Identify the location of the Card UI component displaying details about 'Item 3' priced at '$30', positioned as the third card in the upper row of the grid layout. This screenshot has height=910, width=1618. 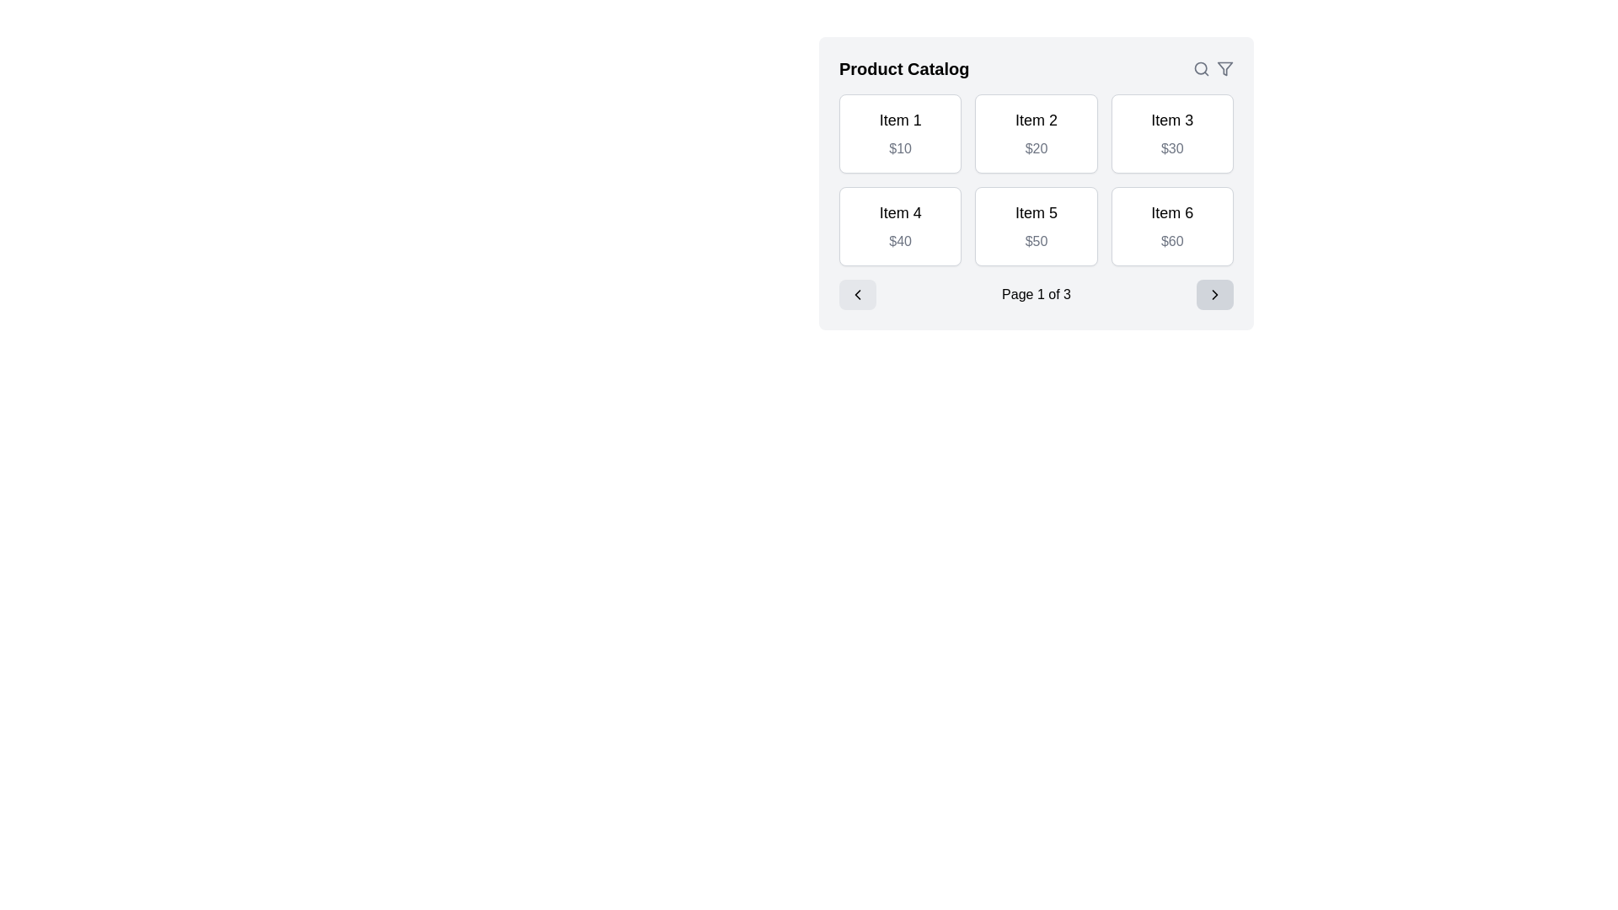
(1171, 132).